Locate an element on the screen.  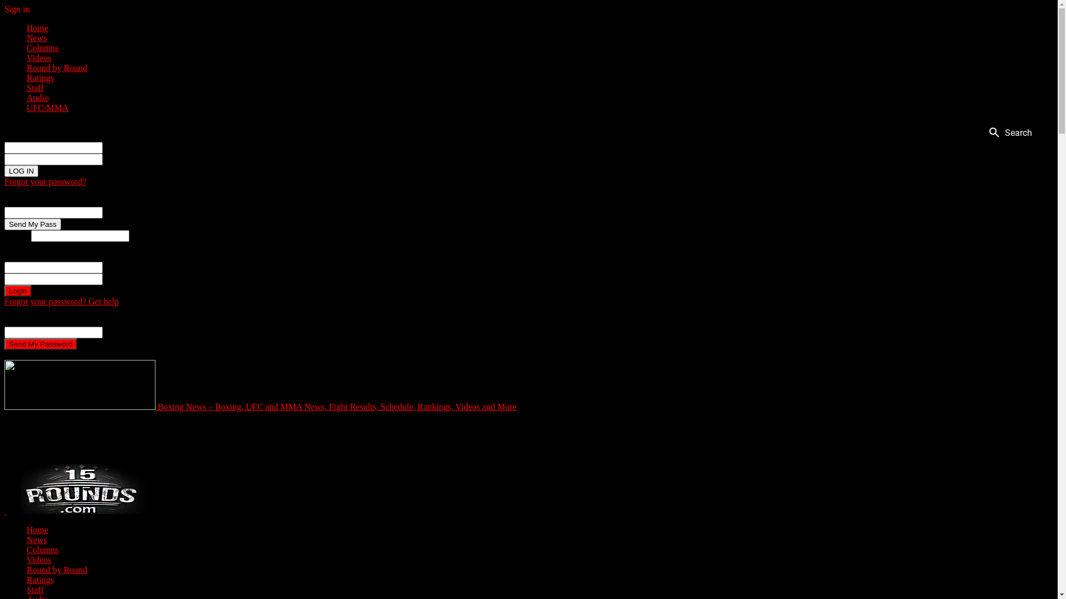
'News' is located at coordinates (37, 37).